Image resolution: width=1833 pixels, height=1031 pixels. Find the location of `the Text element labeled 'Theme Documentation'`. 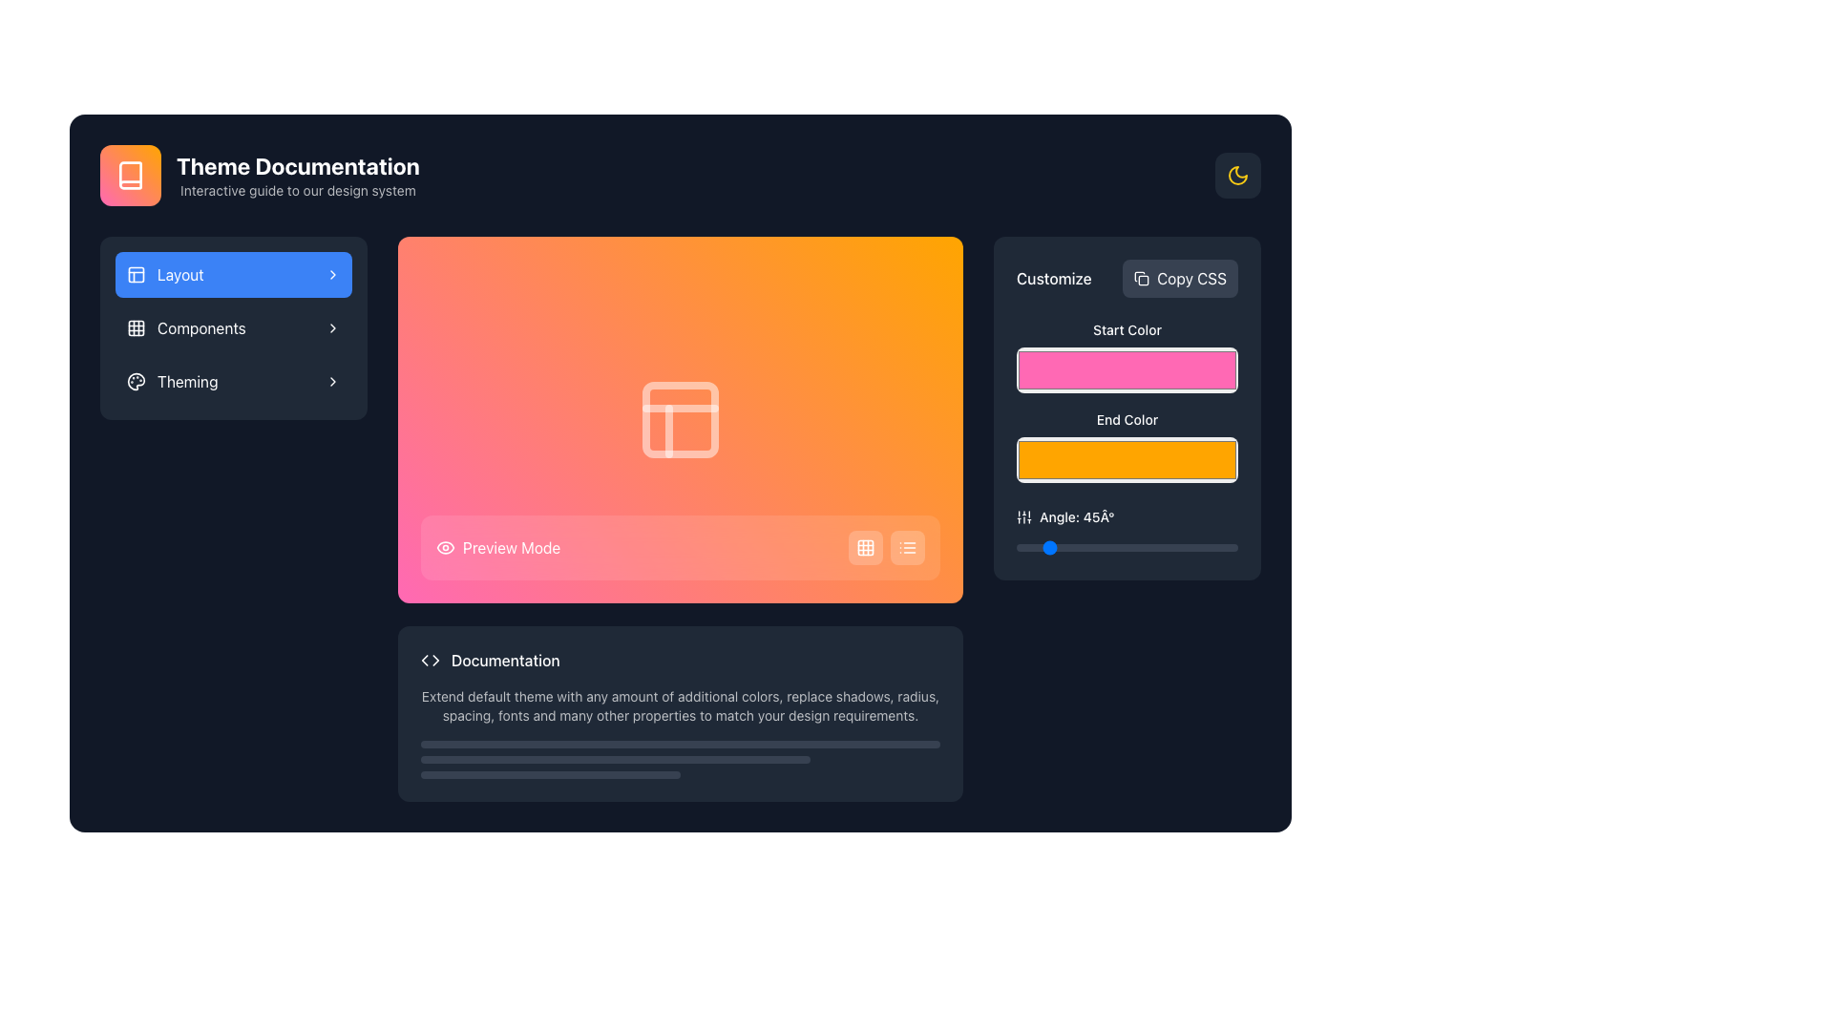

the Text element labeled 'Theme Documentation' is located at coordinates (297, 176).